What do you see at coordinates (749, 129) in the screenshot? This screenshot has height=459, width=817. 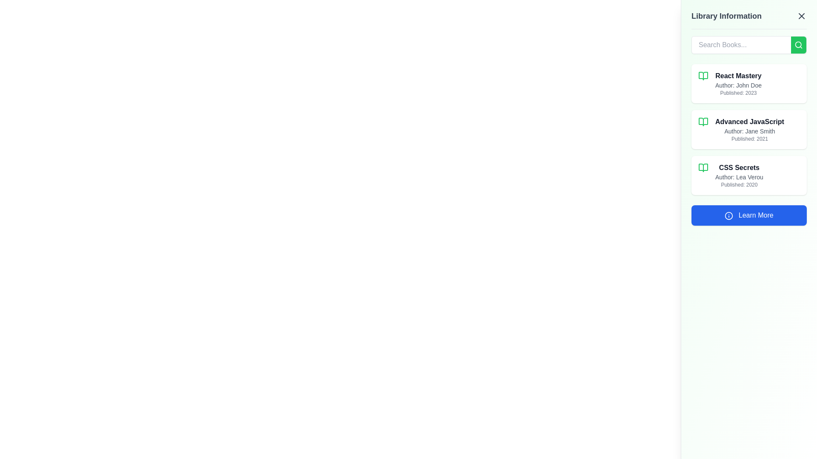 I see `the text block that provides detailed information about a book, including its title, author, and publication year, which is the second entry in a vertical list on a light green card` at bounding box center [749, 129].